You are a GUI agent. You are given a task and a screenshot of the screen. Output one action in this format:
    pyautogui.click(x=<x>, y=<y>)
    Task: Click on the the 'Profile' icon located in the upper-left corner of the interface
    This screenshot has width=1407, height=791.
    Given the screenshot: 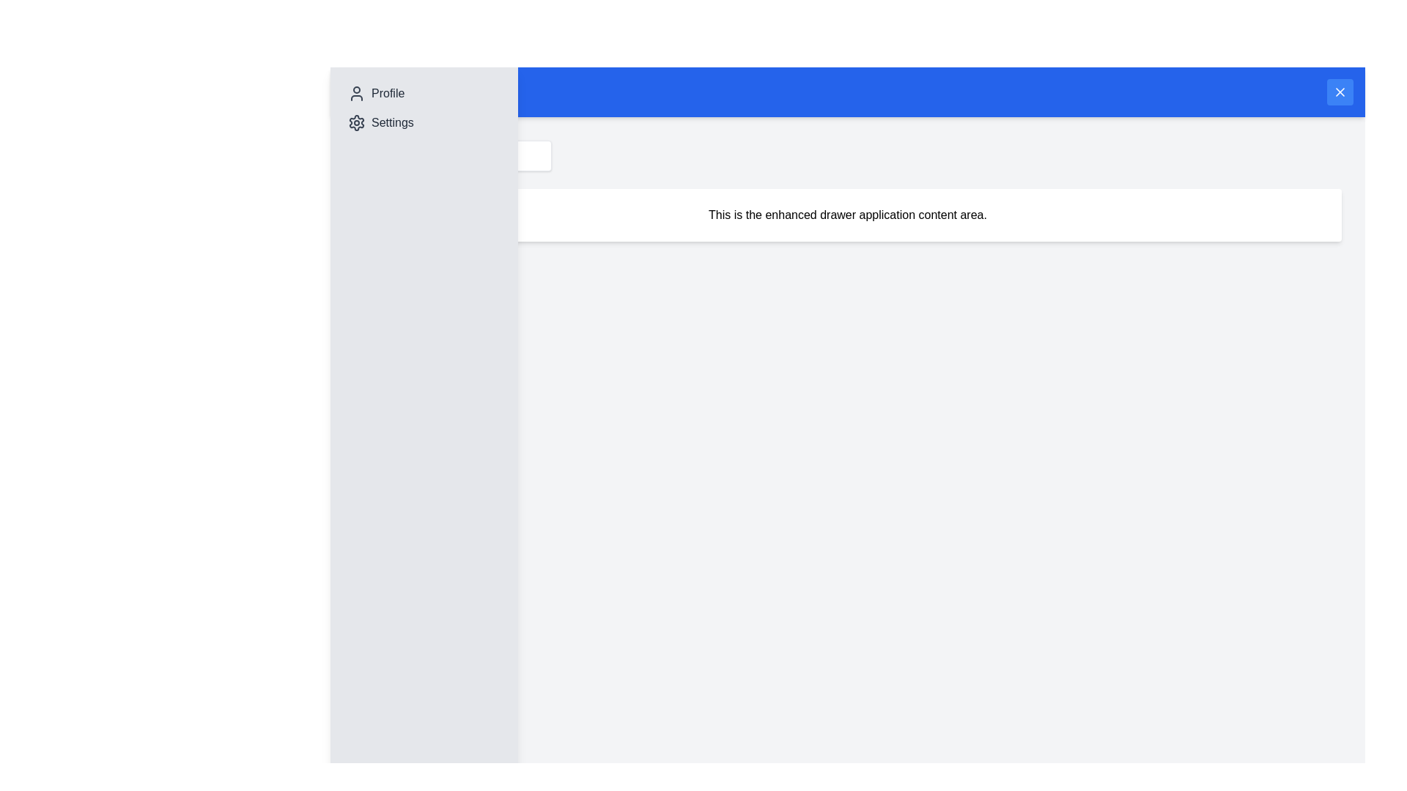 What is the action you would take?
    pyautogui.click(x=356, y=93)
    